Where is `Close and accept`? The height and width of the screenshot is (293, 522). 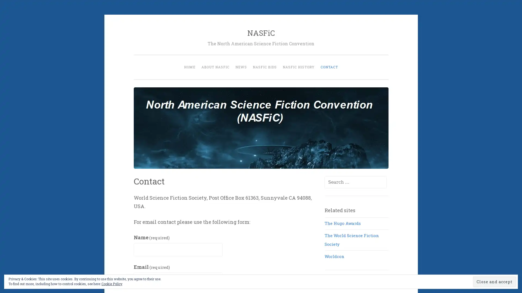 Close and accept is located at coordinates (495, 281).